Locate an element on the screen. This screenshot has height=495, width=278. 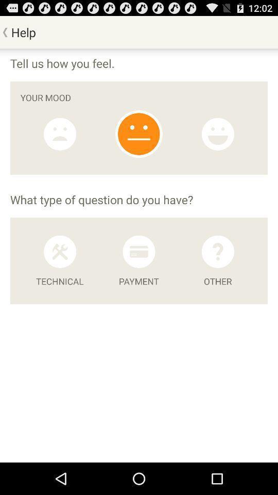
option emojios is located at coordinates (217, 134).